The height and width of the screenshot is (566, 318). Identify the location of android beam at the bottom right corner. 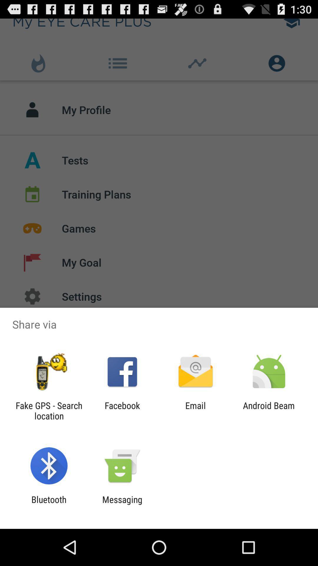
(269, 410).